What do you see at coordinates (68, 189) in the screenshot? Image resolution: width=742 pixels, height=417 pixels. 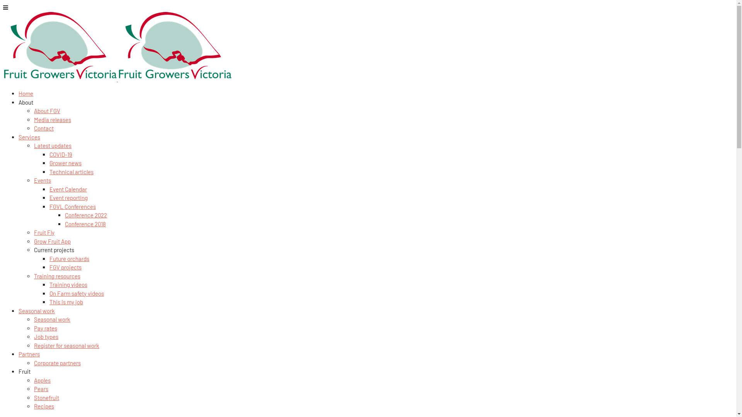 I see `'Event Calendar'` at bounding box center [68, 189].